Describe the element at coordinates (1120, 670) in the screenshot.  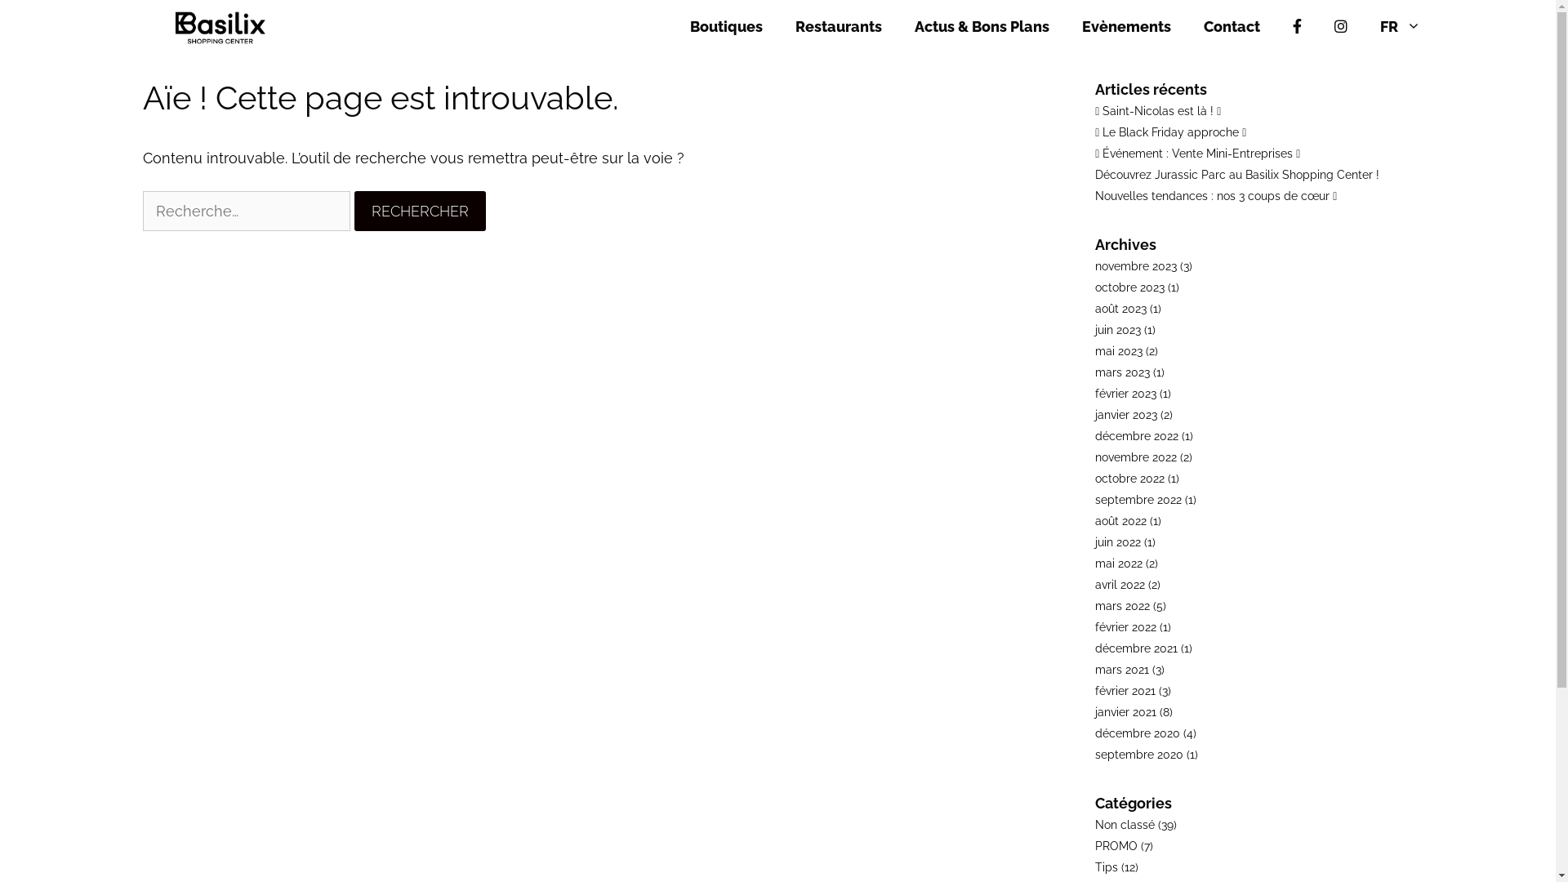
I see `'mars 2021'` at that location.